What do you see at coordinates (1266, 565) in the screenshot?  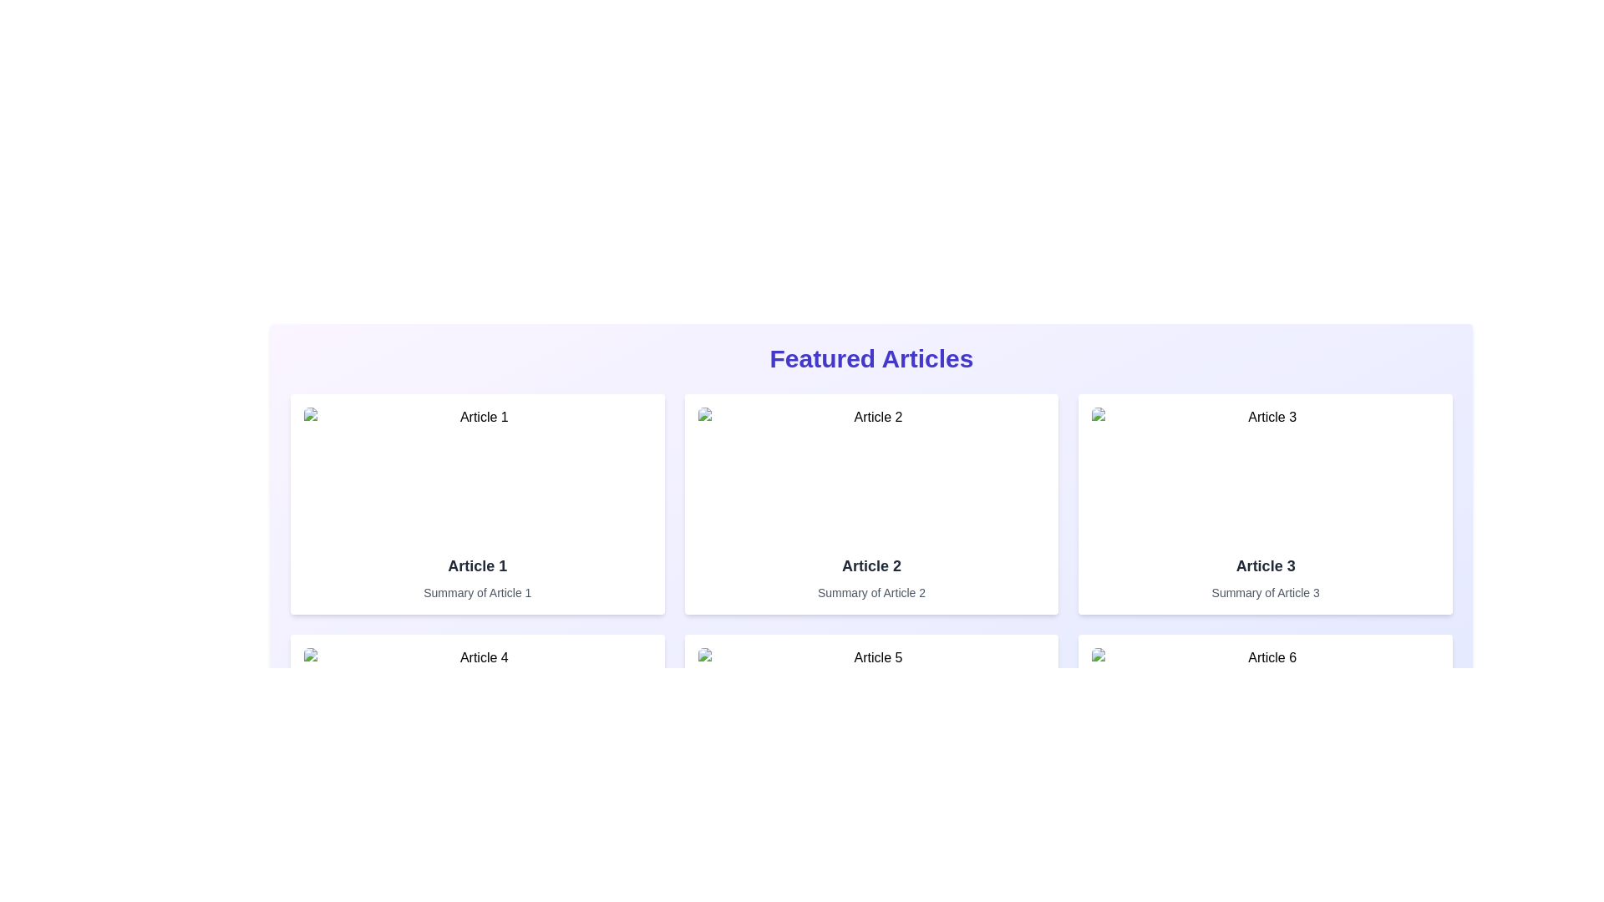 I see `bold text label 'Article 3' located centrally within the white card in the third column of the top row of the grid layout` at bounding box center [1266, 565].